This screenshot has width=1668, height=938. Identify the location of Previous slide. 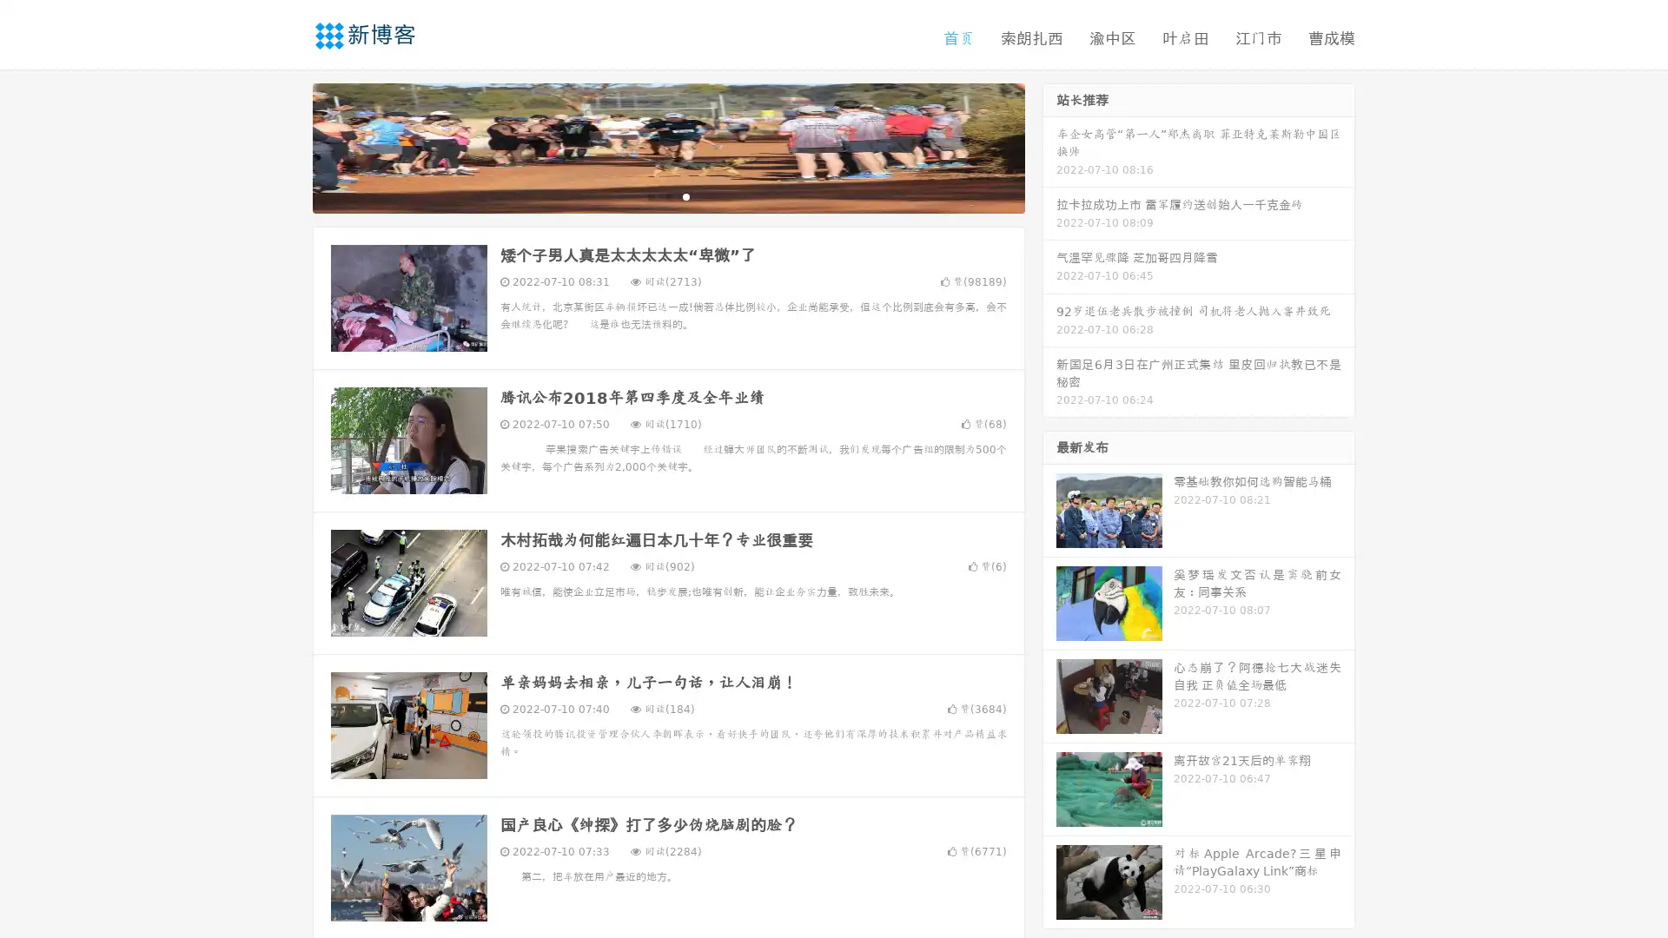
(287, 146).